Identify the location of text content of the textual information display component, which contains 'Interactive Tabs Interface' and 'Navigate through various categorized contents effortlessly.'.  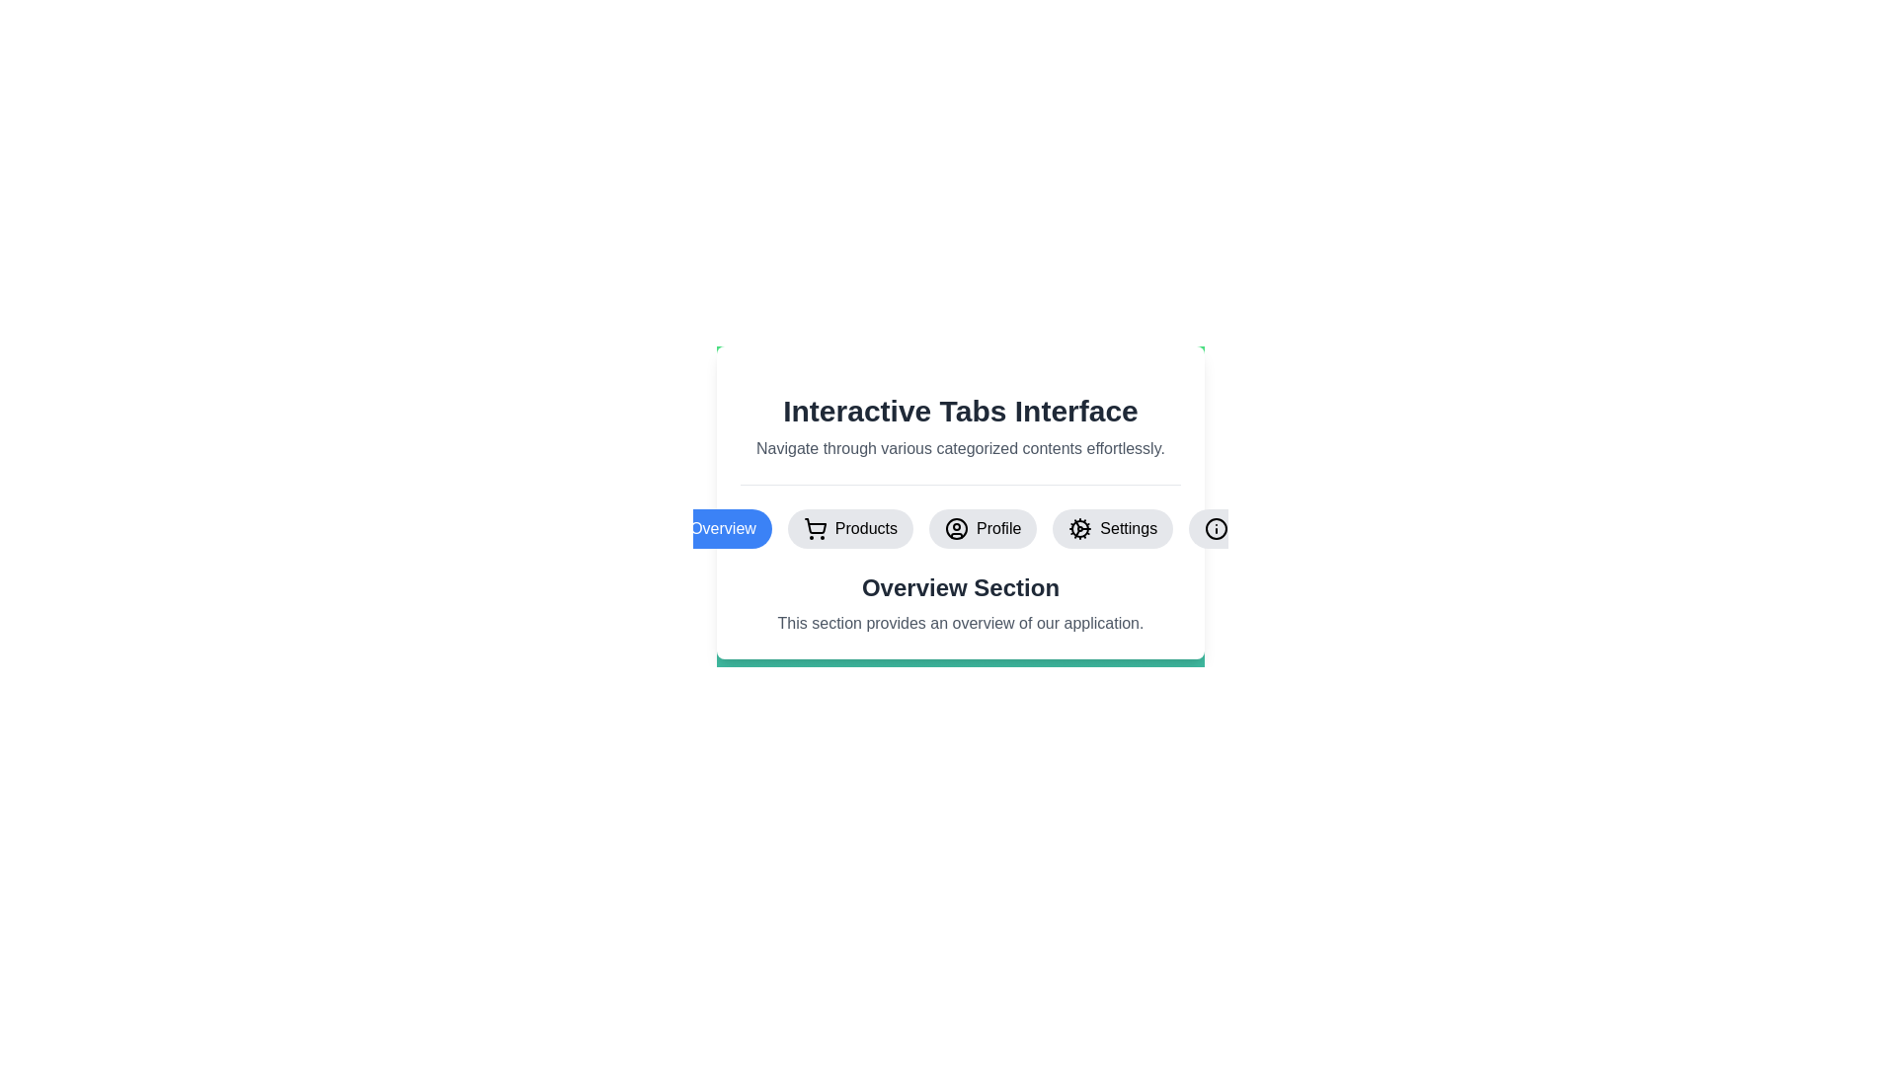
(961, 425).